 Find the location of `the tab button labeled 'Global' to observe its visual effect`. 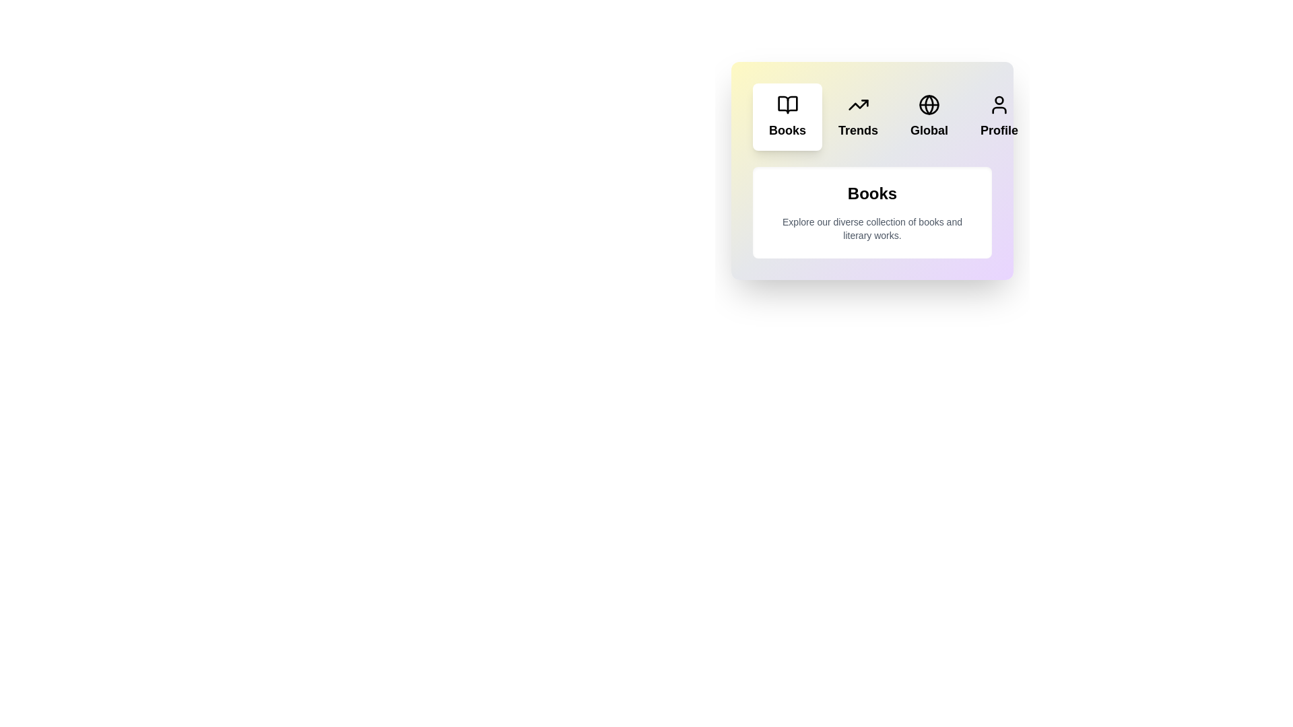

the tab button labeled 'Global' to observe its visual effect is located at coordinates (929, 116).